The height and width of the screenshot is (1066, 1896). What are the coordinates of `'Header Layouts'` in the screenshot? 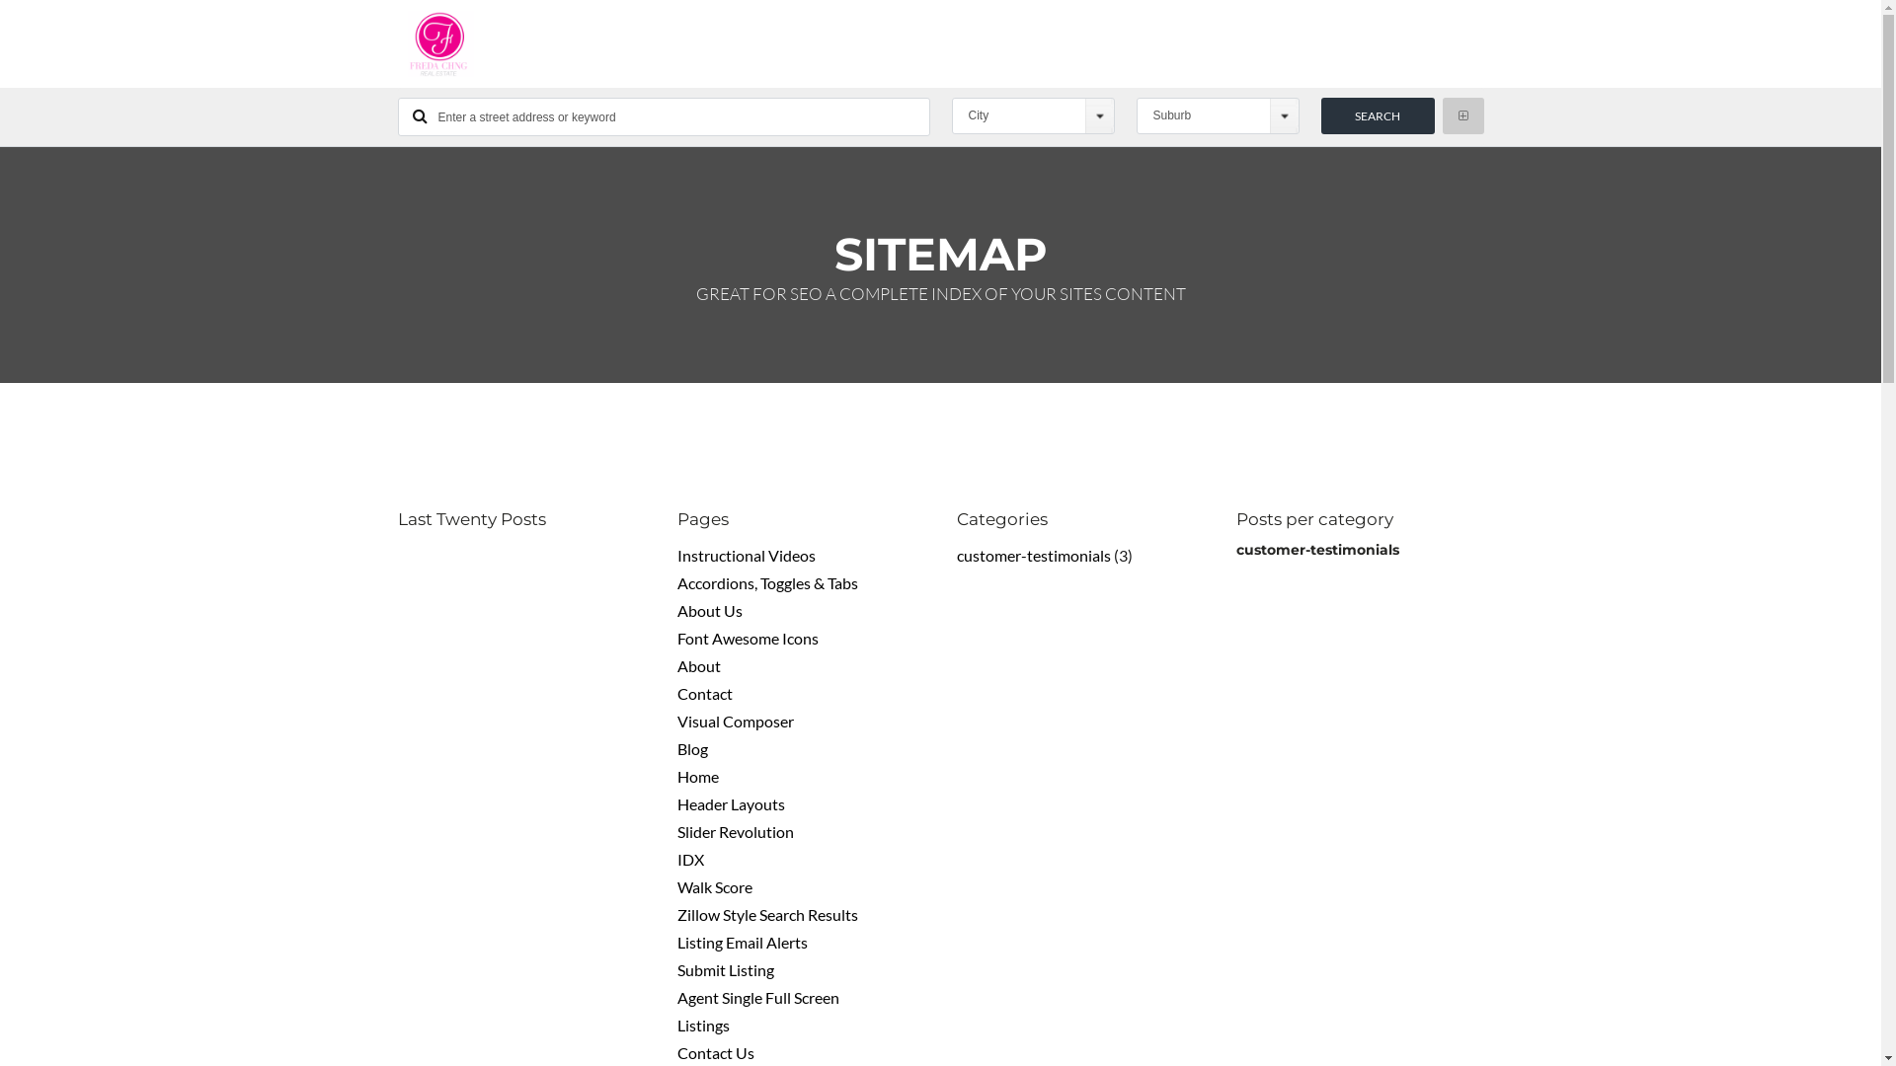 It's located at (730, 803).